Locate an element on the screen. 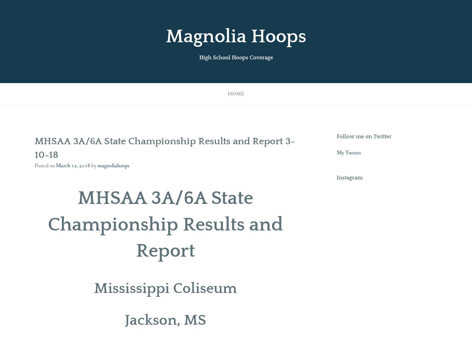  'MHSAA 3A/6A State Championship Results and Report' is located at coordinates (165, 224).